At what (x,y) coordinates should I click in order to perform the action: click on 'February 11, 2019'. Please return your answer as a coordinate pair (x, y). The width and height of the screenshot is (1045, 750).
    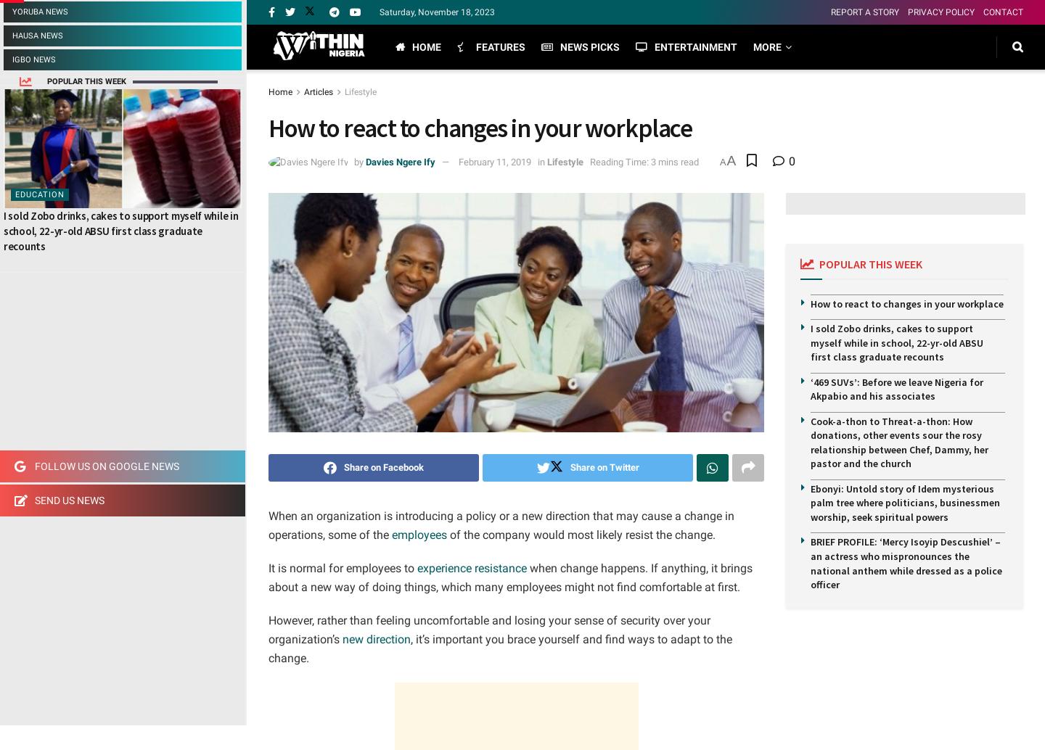
    Looking at the image, I should click on (494, 161).